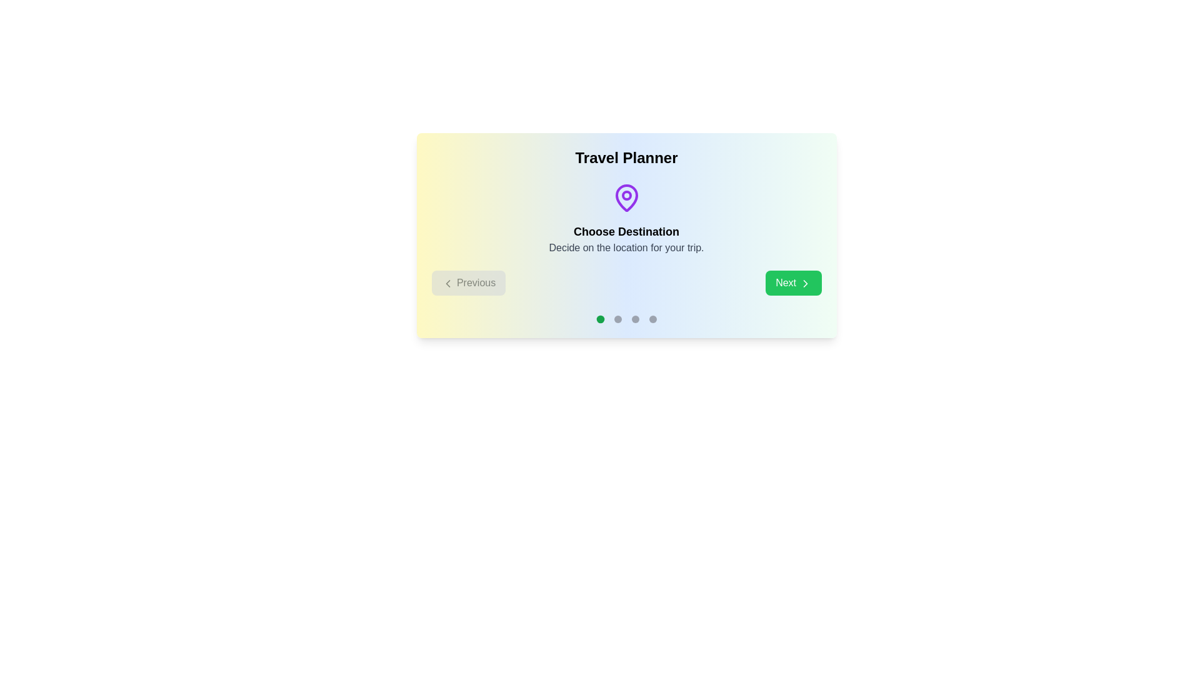 This screenshot has width=1200, height=675. What do you see at coordinates (617, 318) in the screenshot?
I see `the second gray navigation dot located beneath the 'Travel Planner' section` at bounding box center [617, 318].